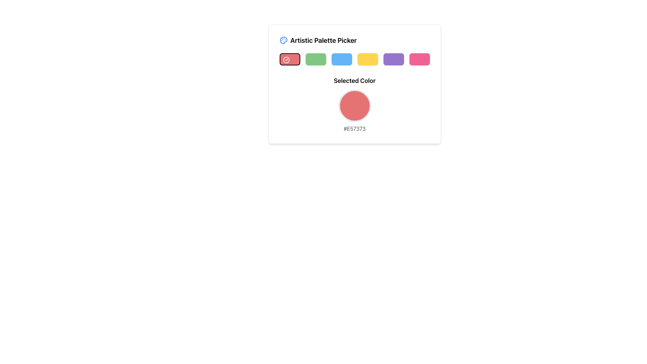 Image resolution: width=647 pixels, height=364 pixels. Describe the element at coordinates (367, 59) in the screenshot. I see `the fourth selectable color box representing yellow in the Artistic Palette Picker` at that location.